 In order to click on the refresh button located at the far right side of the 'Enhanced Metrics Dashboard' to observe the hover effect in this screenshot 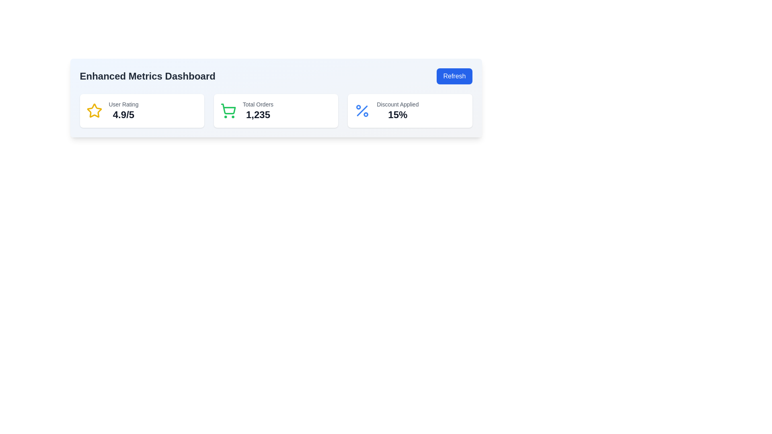, I will do `click(454, 76)`.